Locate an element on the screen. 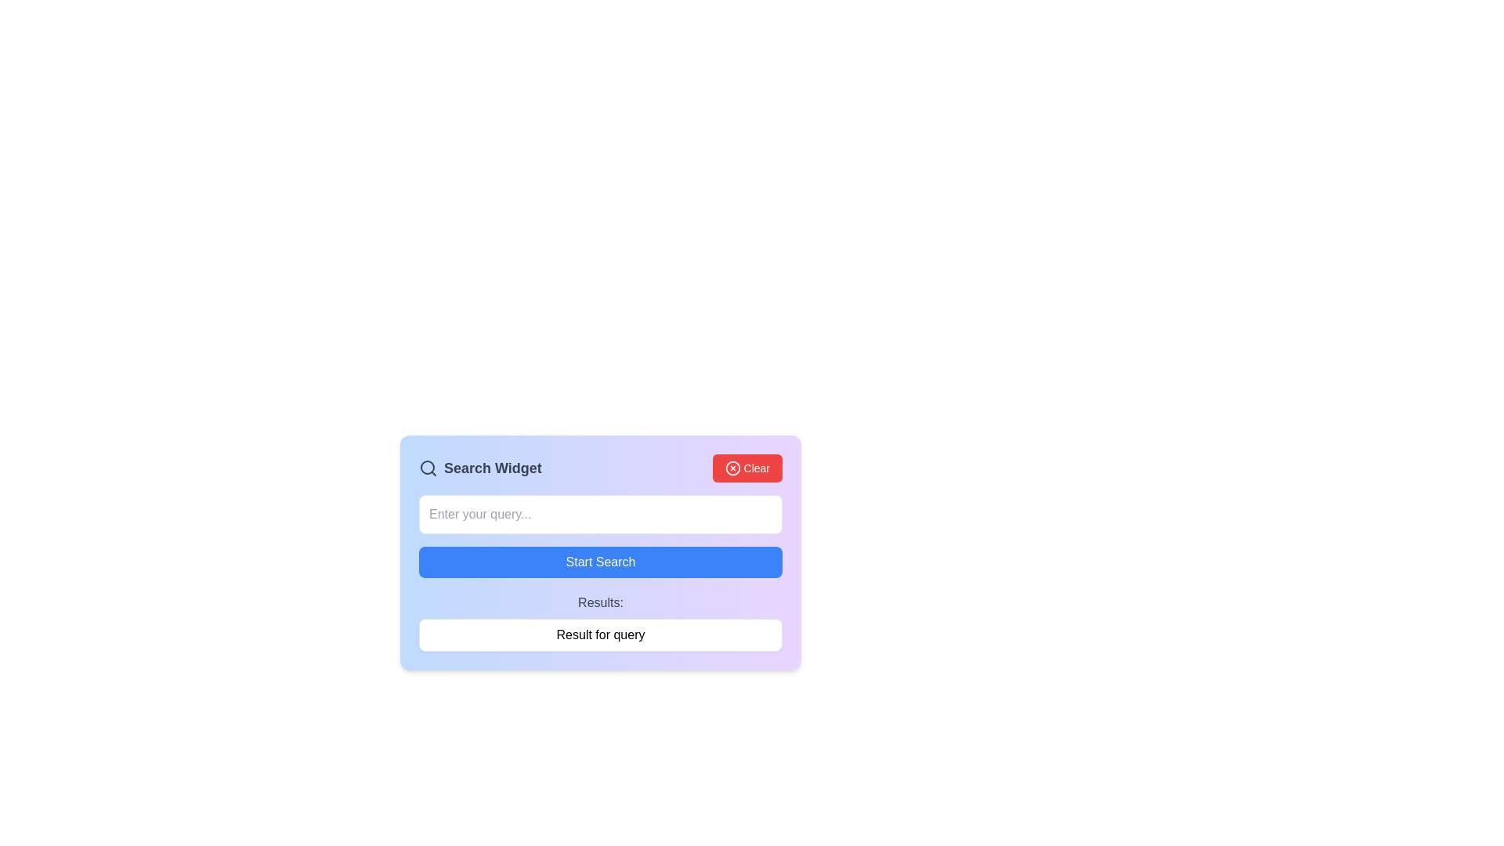 The height and width of the screenshot is (846, 1504). the decorative vector graphic circle within the 'Clear' button located in the top-right corner of the widget is located at coordinates (732, 467).